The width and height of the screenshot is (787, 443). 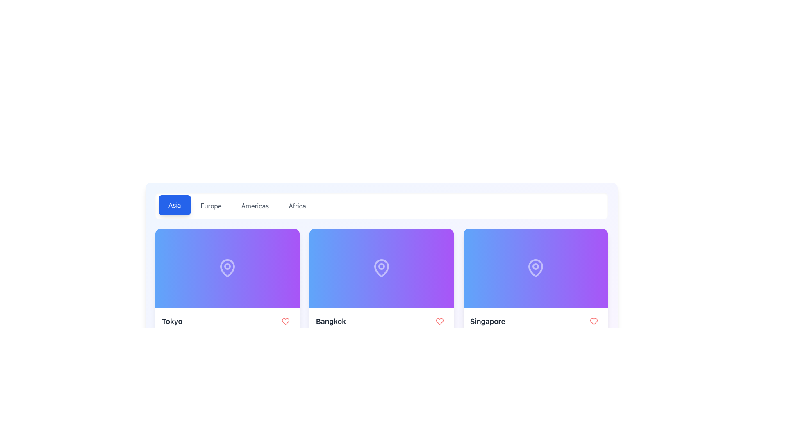 What do you see at coordinates (487, 321) in the screenshot?
I see `the text label displaying 'Singapore', which is styled with a bold font and dark color, located at the bottom of a card-like component, to the left of a heart-shaped icon` at bounding box center [487, 321].